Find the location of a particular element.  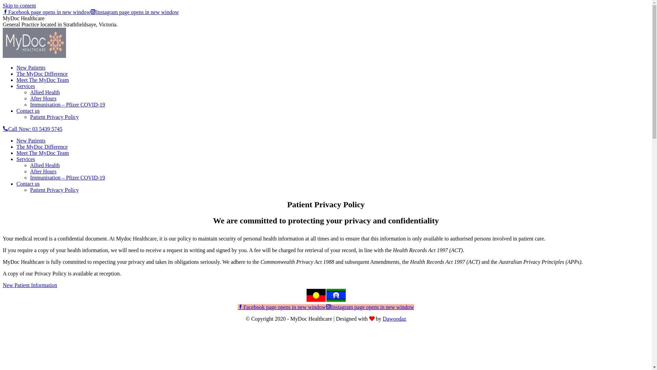

'Instagram page opens in new window' is located at coordinates (90, 12).